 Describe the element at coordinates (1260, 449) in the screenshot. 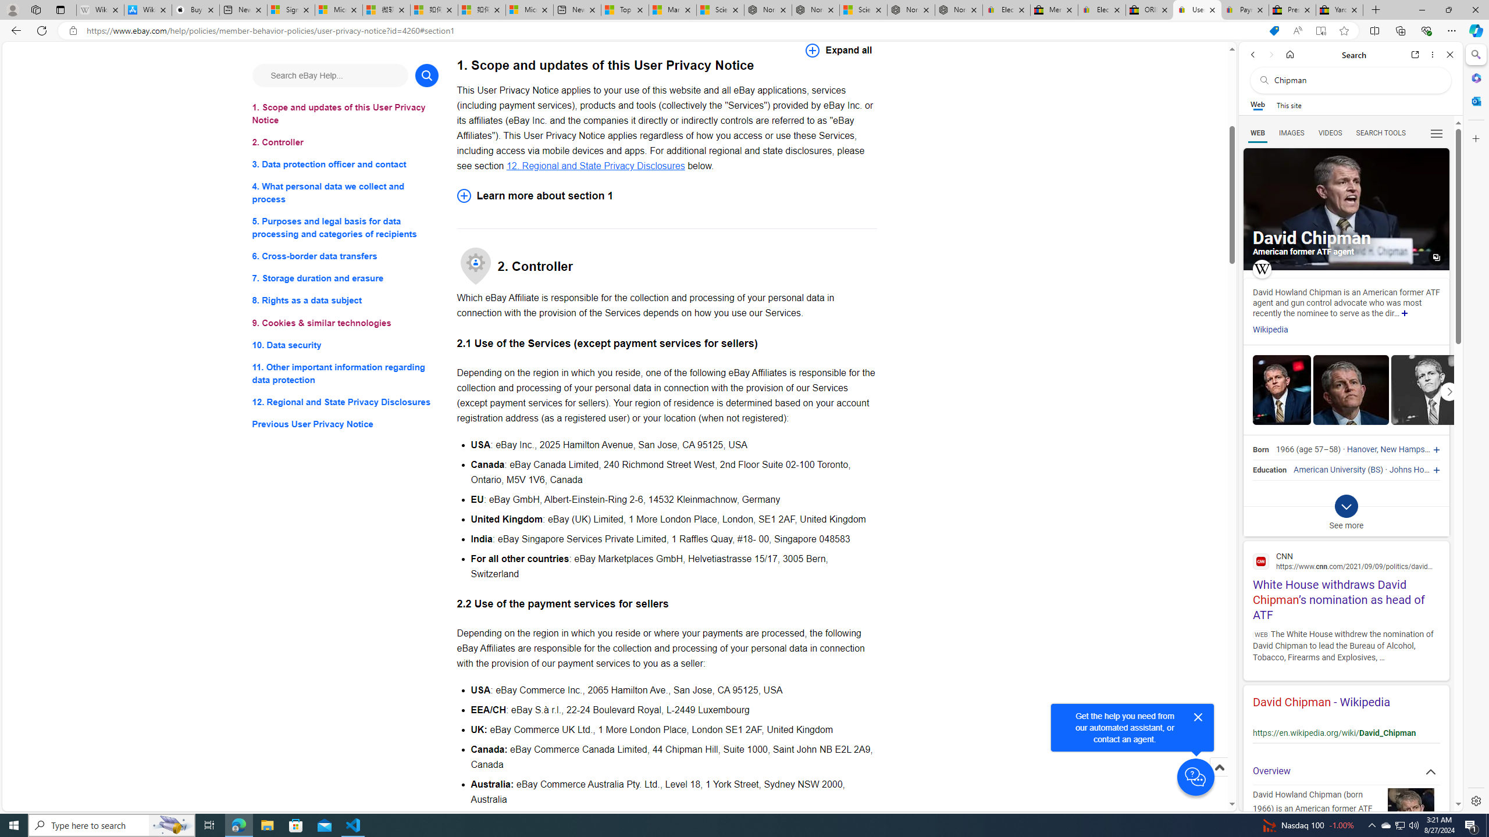

I see `'Born'` at that location.